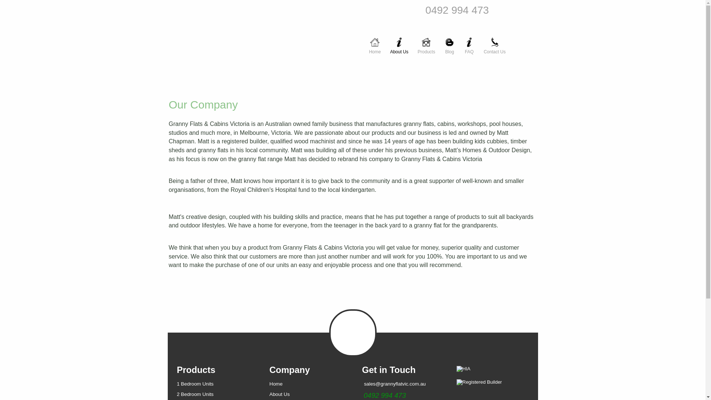 This screenshot has width=711, height=400. Describe the element at coordinates (177, 393) in the screenshot. I see `'2 Bedroom Units'` at that location.